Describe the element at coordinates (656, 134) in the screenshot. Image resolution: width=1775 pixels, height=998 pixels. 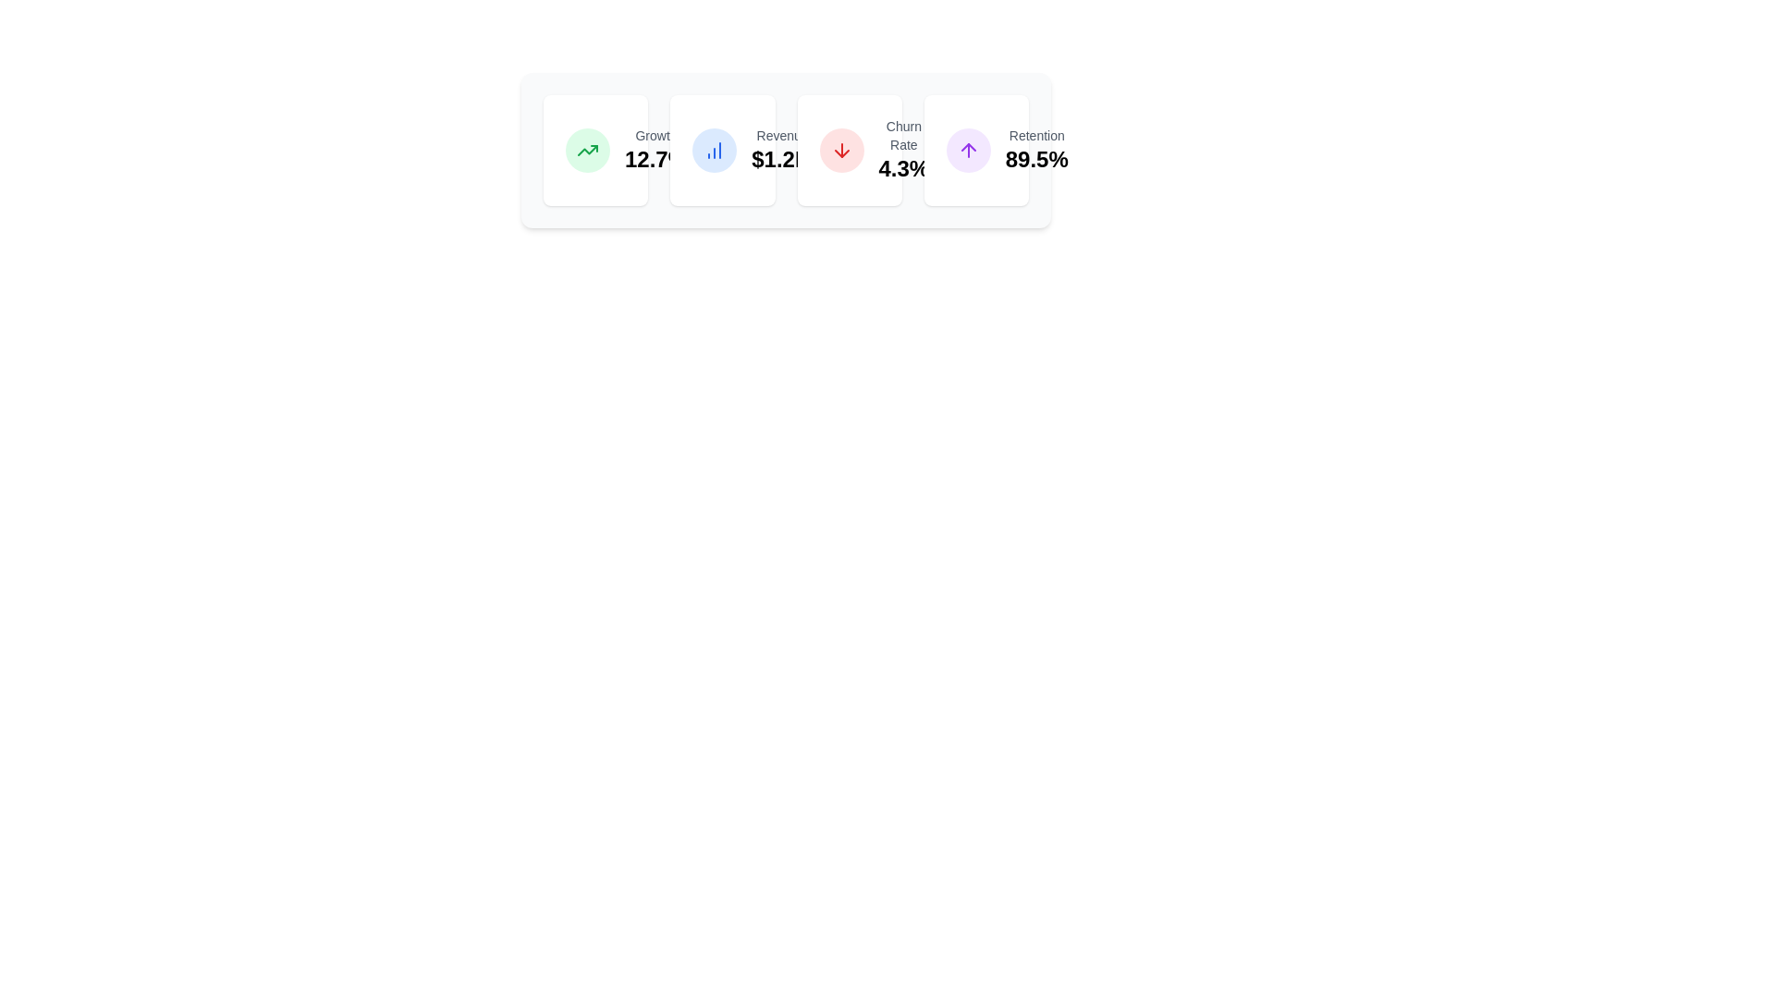
I see `the Text Label displaying 'Growth', which is in a small, gray, sans-serif font, located above the bold text '12.7%' in the growth statistics summary card` at that location.